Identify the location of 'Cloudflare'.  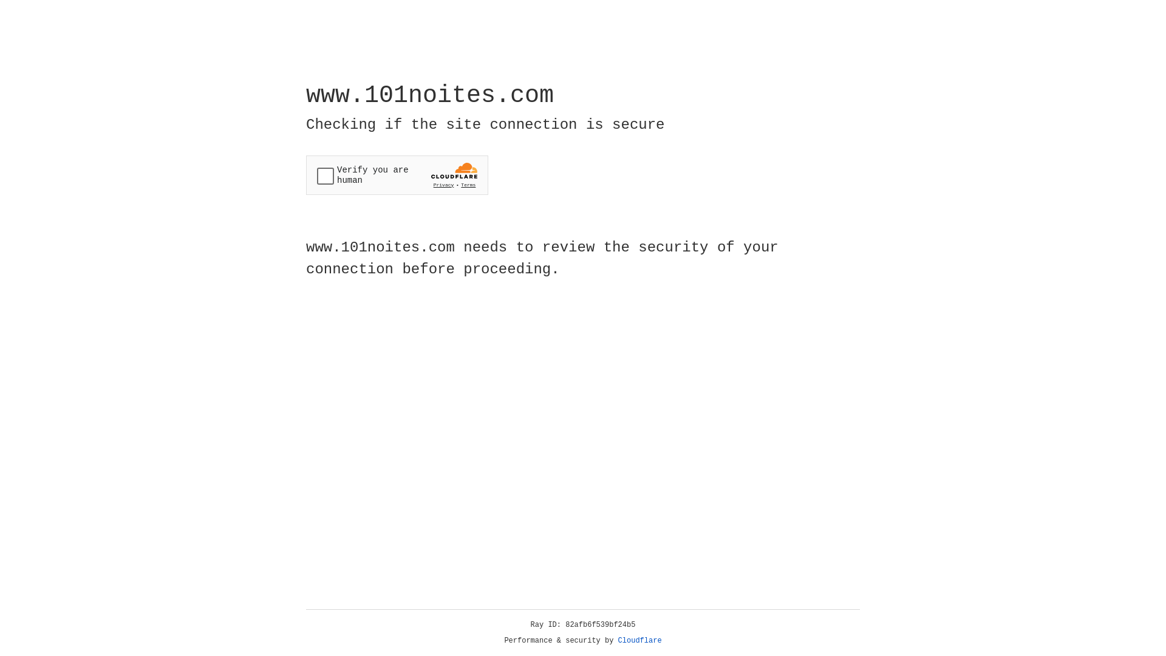
(639, 640).